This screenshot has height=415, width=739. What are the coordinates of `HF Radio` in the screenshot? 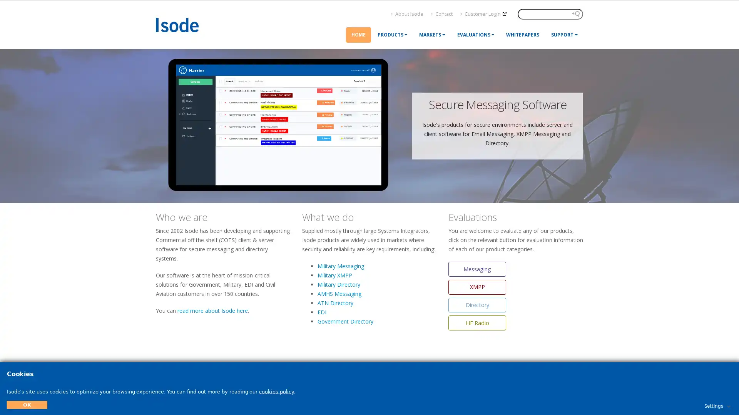 It's located at (477, 323).